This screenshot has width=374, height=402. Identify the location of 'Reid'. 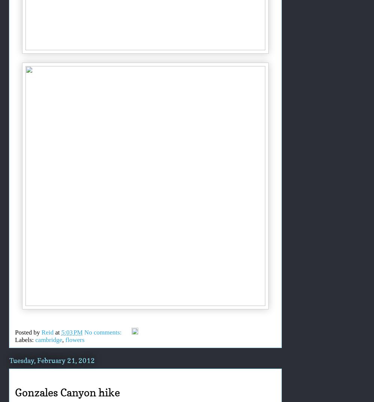
(47, 332).